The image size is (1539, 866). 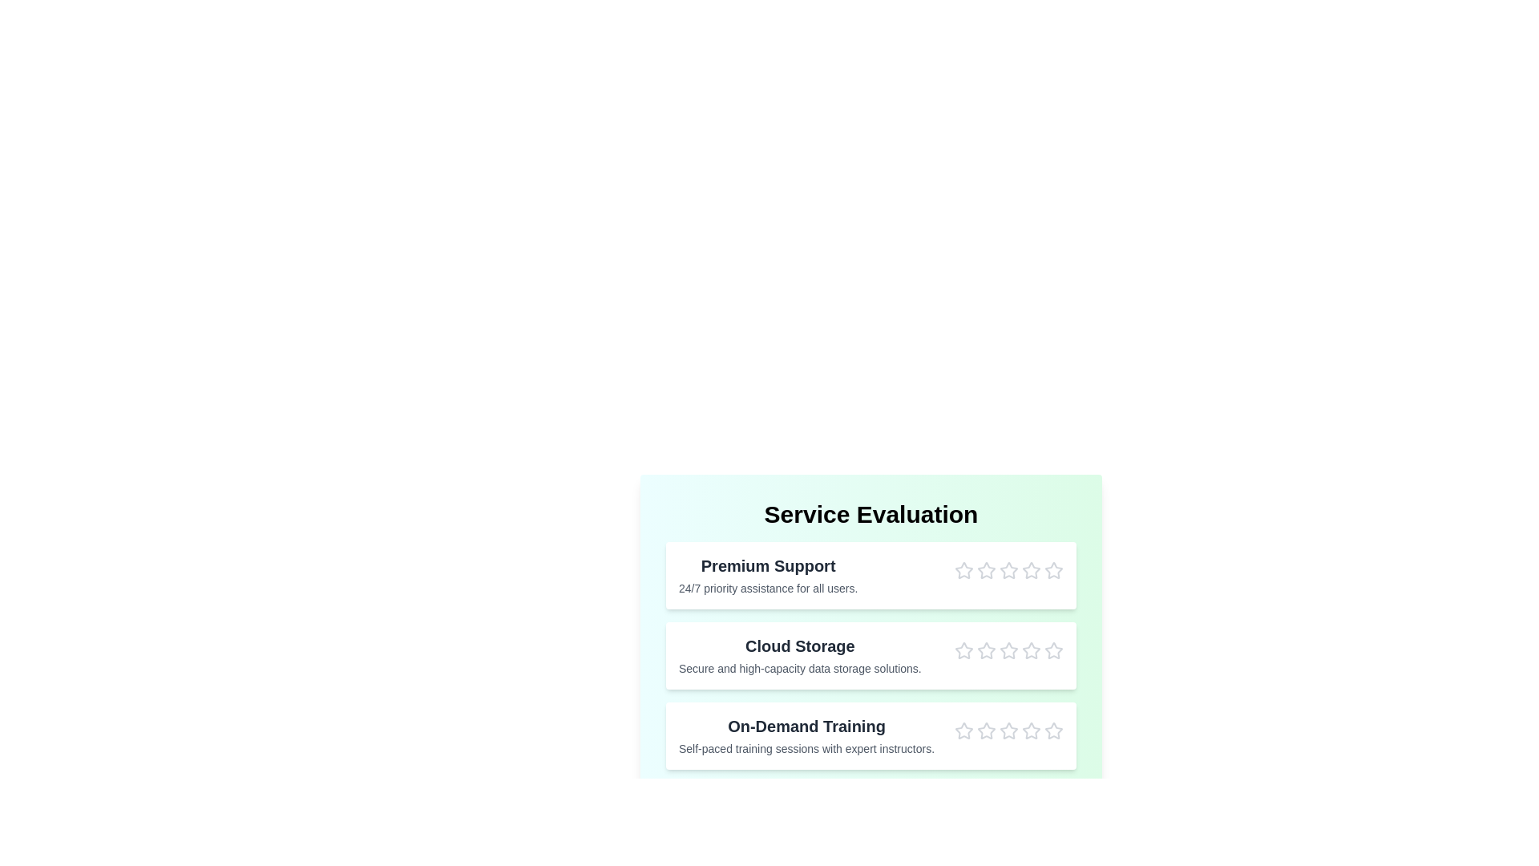 What do you see at coordinates (1054, 570) in the screenshot?
I see `the star corresponding to 5 stars for the Premium Support service` at bounding box center [1054, 570].